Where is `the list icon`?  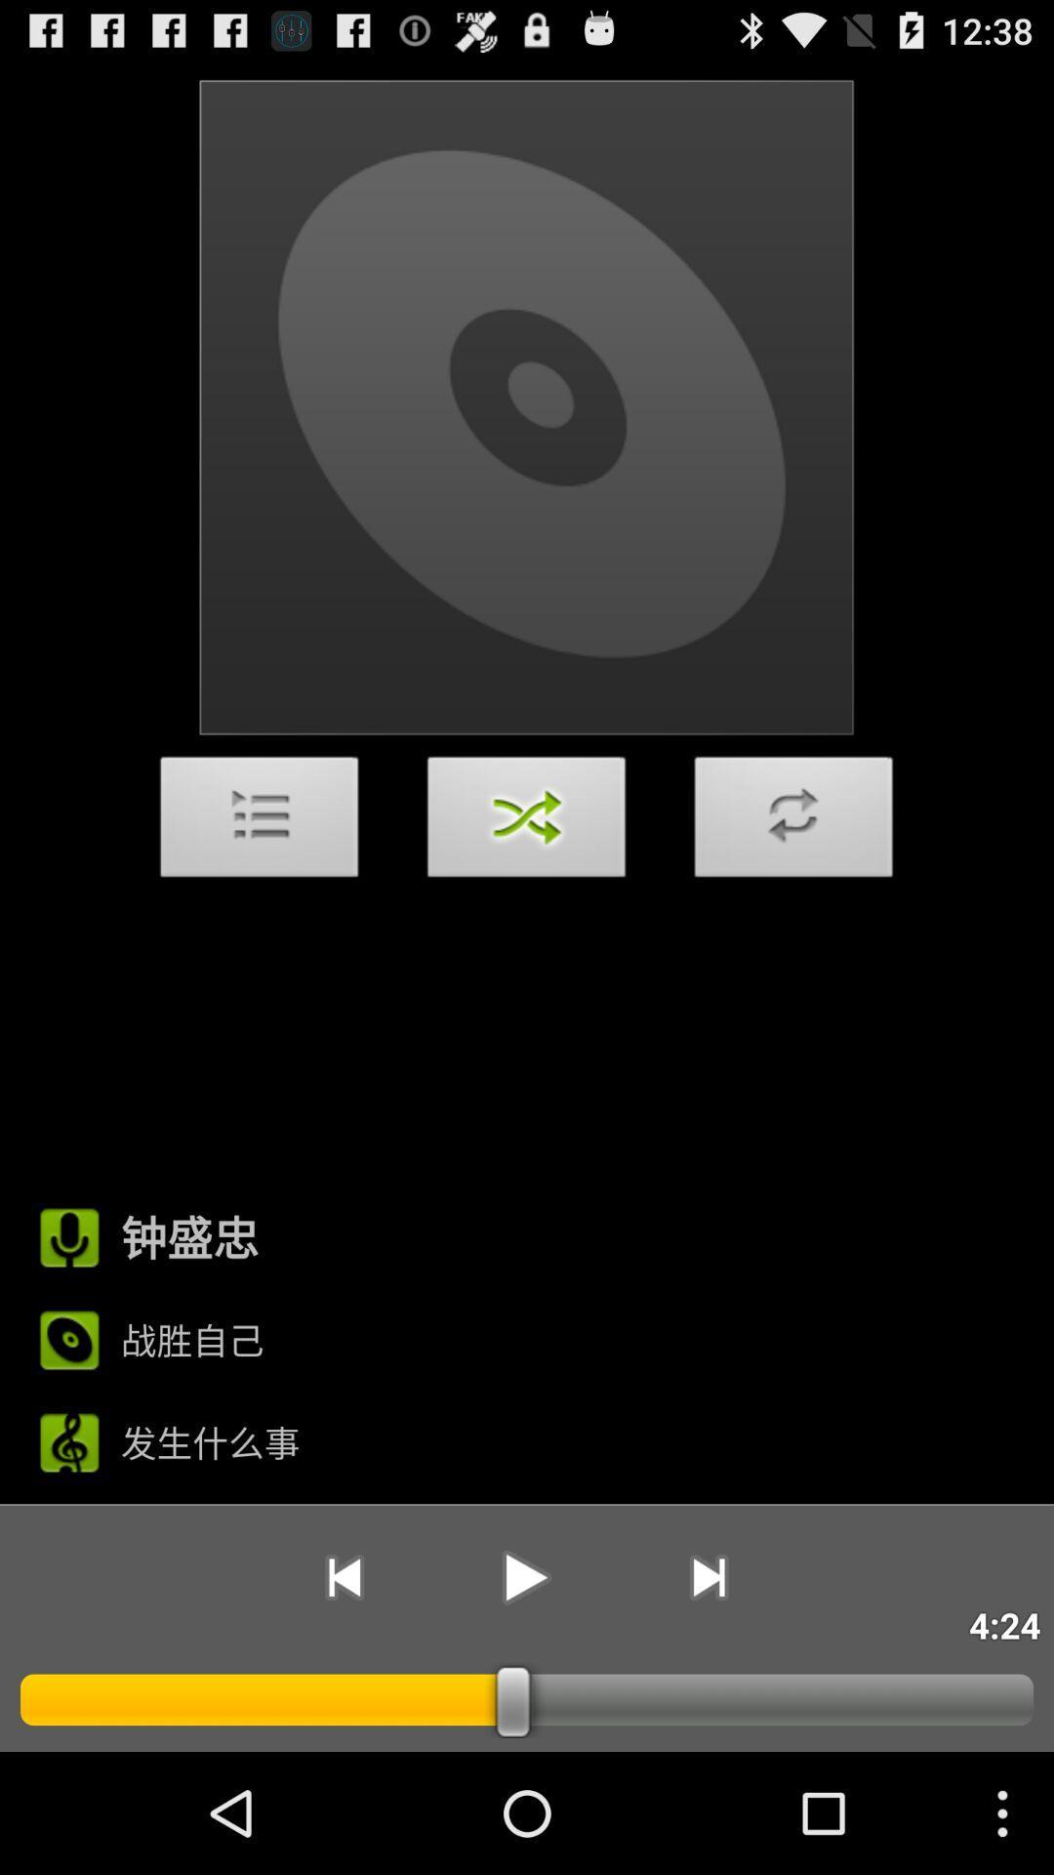
the list icon is located at coordinates (259, 879).